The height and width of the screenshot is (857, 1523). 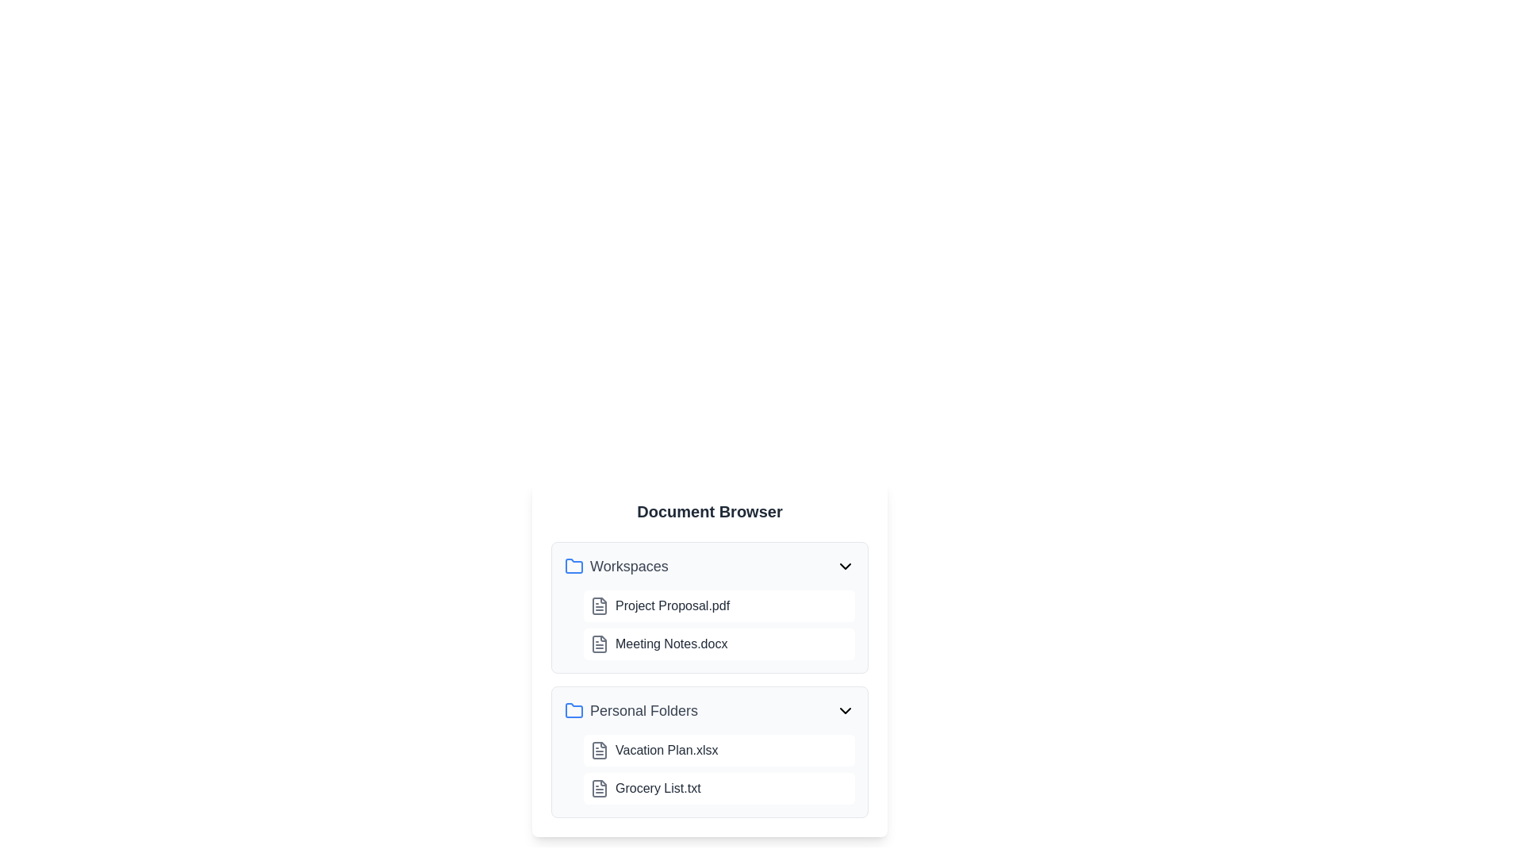 I want to click on the blue folder icon located to the left of the 'Workspaces' label in the Document Browser application, so click(x=574, y=565).